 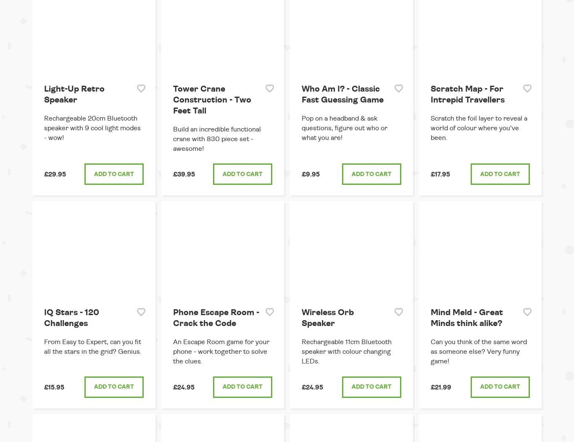 What do you see at coordinates (301, 128) in the screenshot?
I see `'Pop on a headband & ask questions, figure out who or what you are!'` at bounding box center [301, 128].